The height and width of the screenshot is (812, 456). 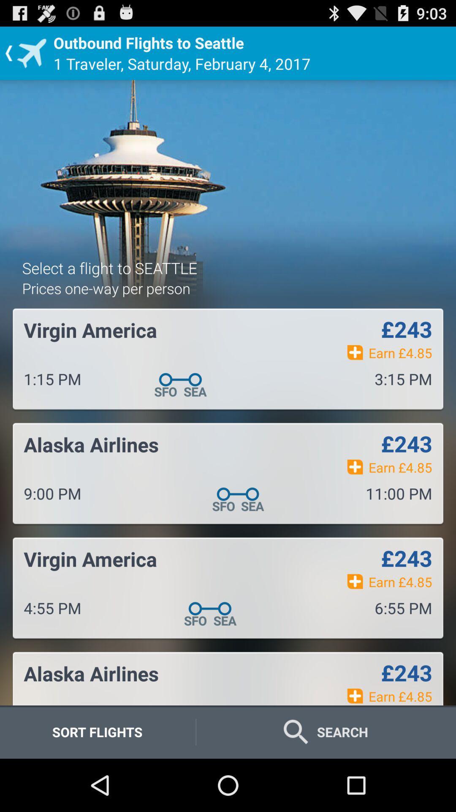 What do you see at coordinates (109, 267) in the screenshot?
I see `select a flight icon` at bounding box center [109, 267].